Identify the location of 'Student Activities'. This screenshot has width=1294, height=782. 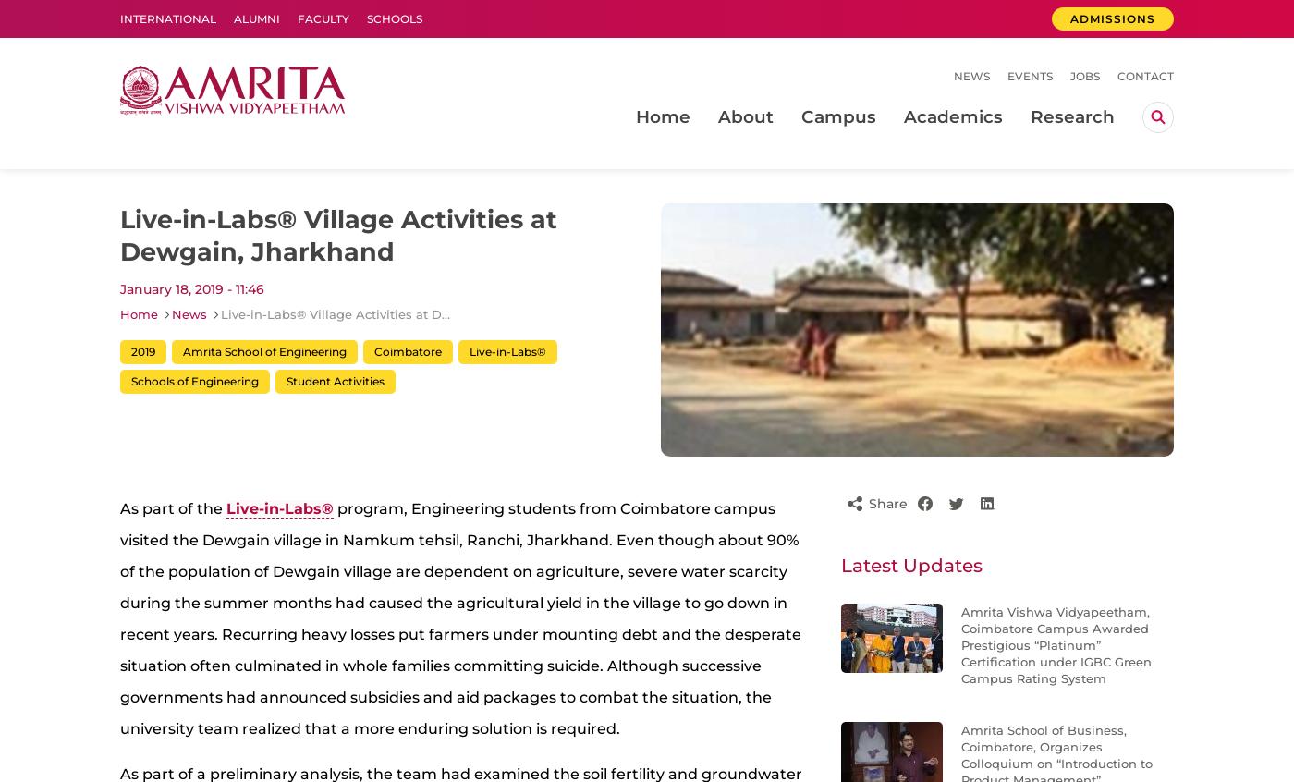
(336, 380).